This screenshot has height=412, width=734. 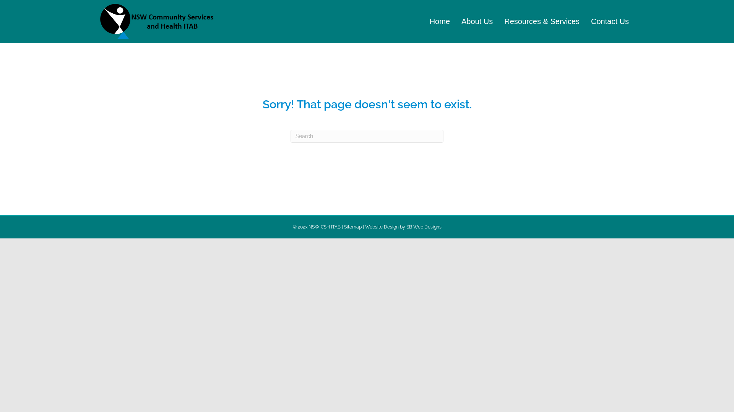 I want to click on 'SB Web Designs', so click(x=423, y=226).